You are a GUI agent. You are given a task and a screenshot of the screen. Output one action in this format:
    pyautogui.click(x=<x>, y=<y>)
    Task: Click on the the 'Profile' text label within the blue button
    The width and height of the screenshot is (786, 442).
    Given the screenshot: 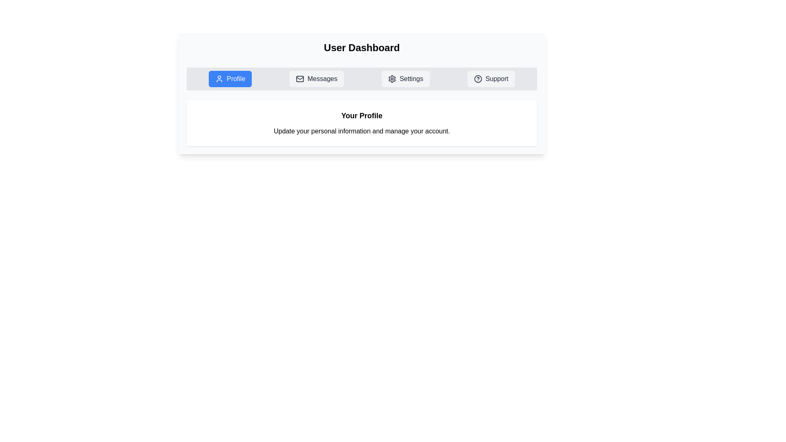 What is the action you would take?
    pyautogui.click(x=235, y=79)
    